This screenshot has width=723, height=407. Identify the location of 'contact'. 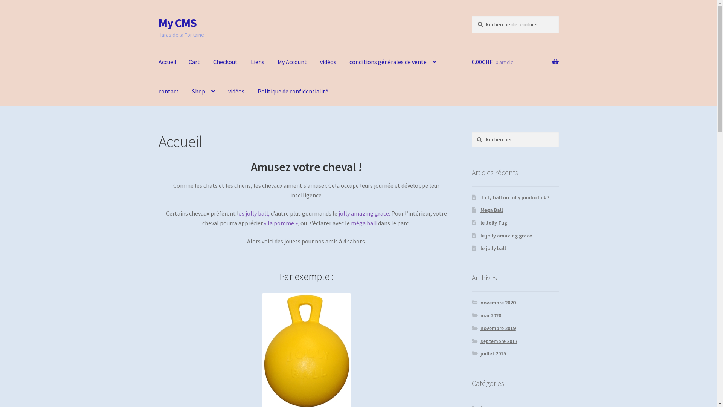
(168, 91).